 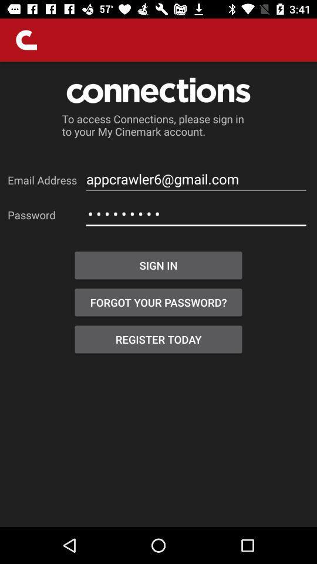 I want to click on the forgot your password? icon, so click(x=158, y=301).